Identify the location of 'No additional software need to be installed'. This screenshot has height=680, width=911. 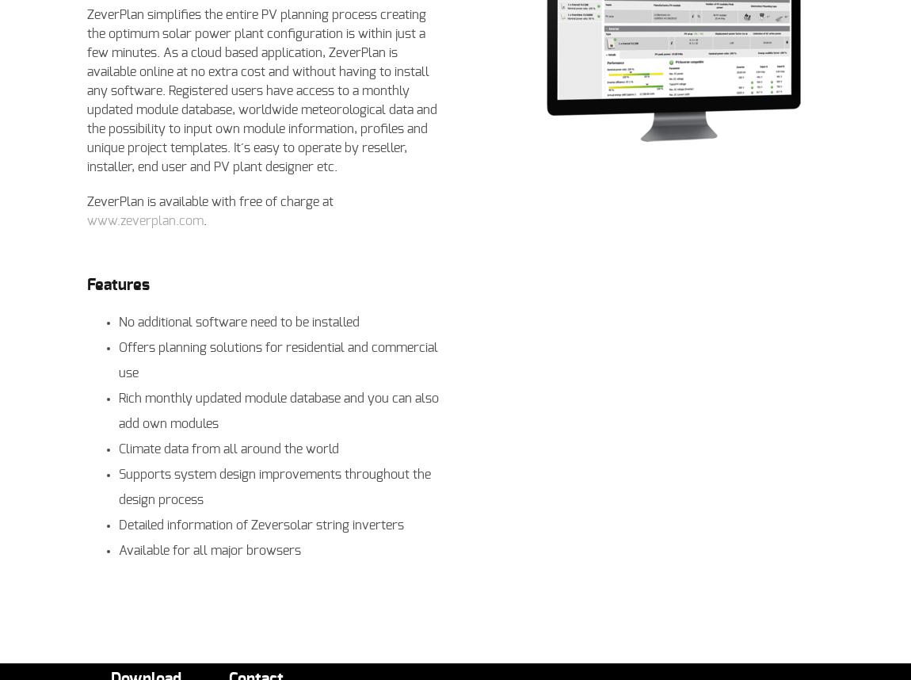
(238, 322).